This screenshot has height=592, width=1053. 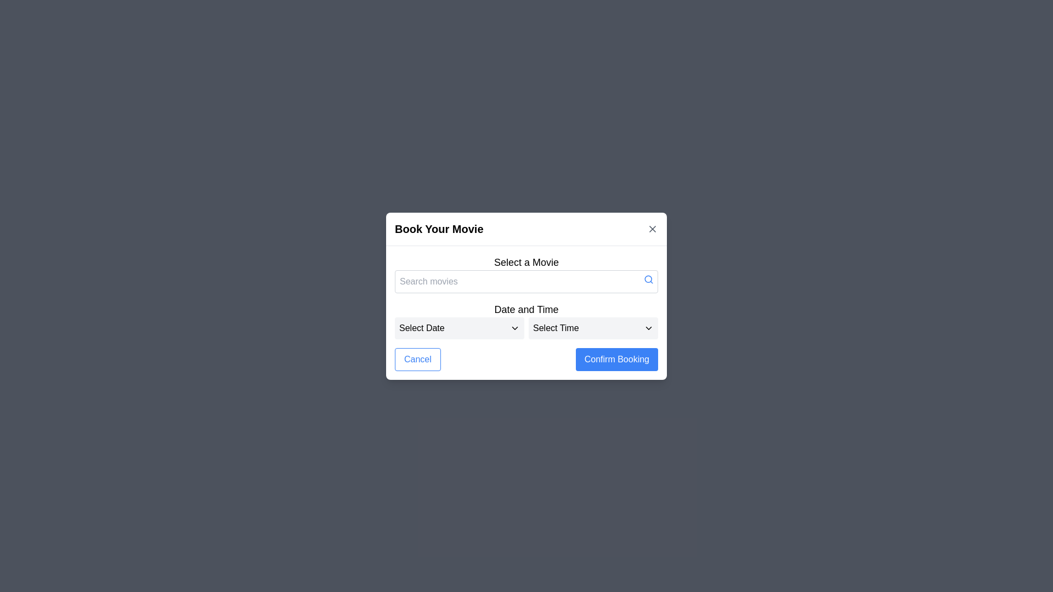 What do you see at coordinates (526, 327) in the screenshot?
I see `the Dropdown group containing interactive elements for selecting a date and time, located below the movie input field in the 'Date and Time' section` at bounding box center [526, 327].